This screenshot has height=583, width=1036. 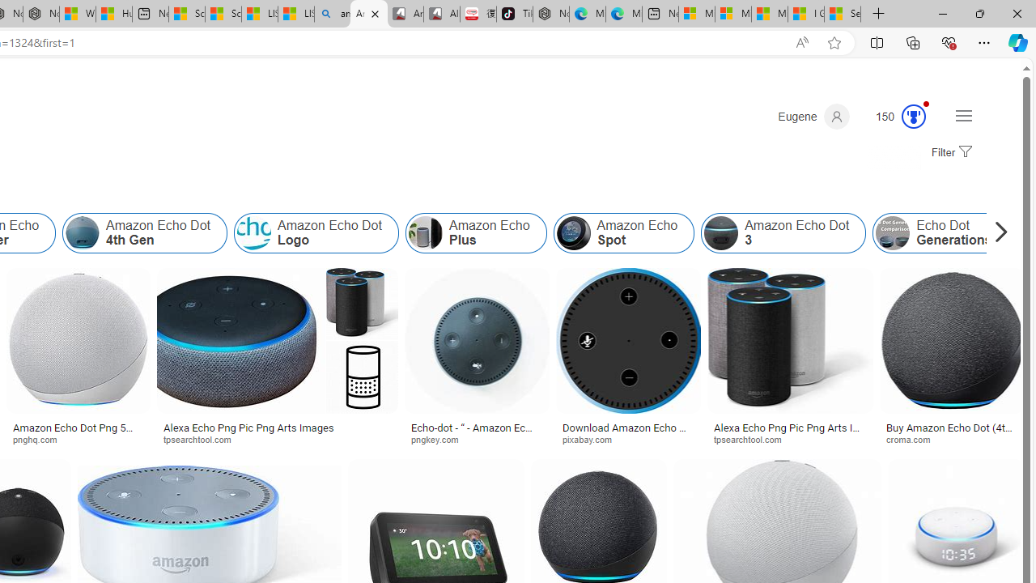 What do you see at coordinates (367, 14) in the screenshot?
I see `'Amazon Echo Dot PNG - Search Images'` at bounding box center [367, 14].